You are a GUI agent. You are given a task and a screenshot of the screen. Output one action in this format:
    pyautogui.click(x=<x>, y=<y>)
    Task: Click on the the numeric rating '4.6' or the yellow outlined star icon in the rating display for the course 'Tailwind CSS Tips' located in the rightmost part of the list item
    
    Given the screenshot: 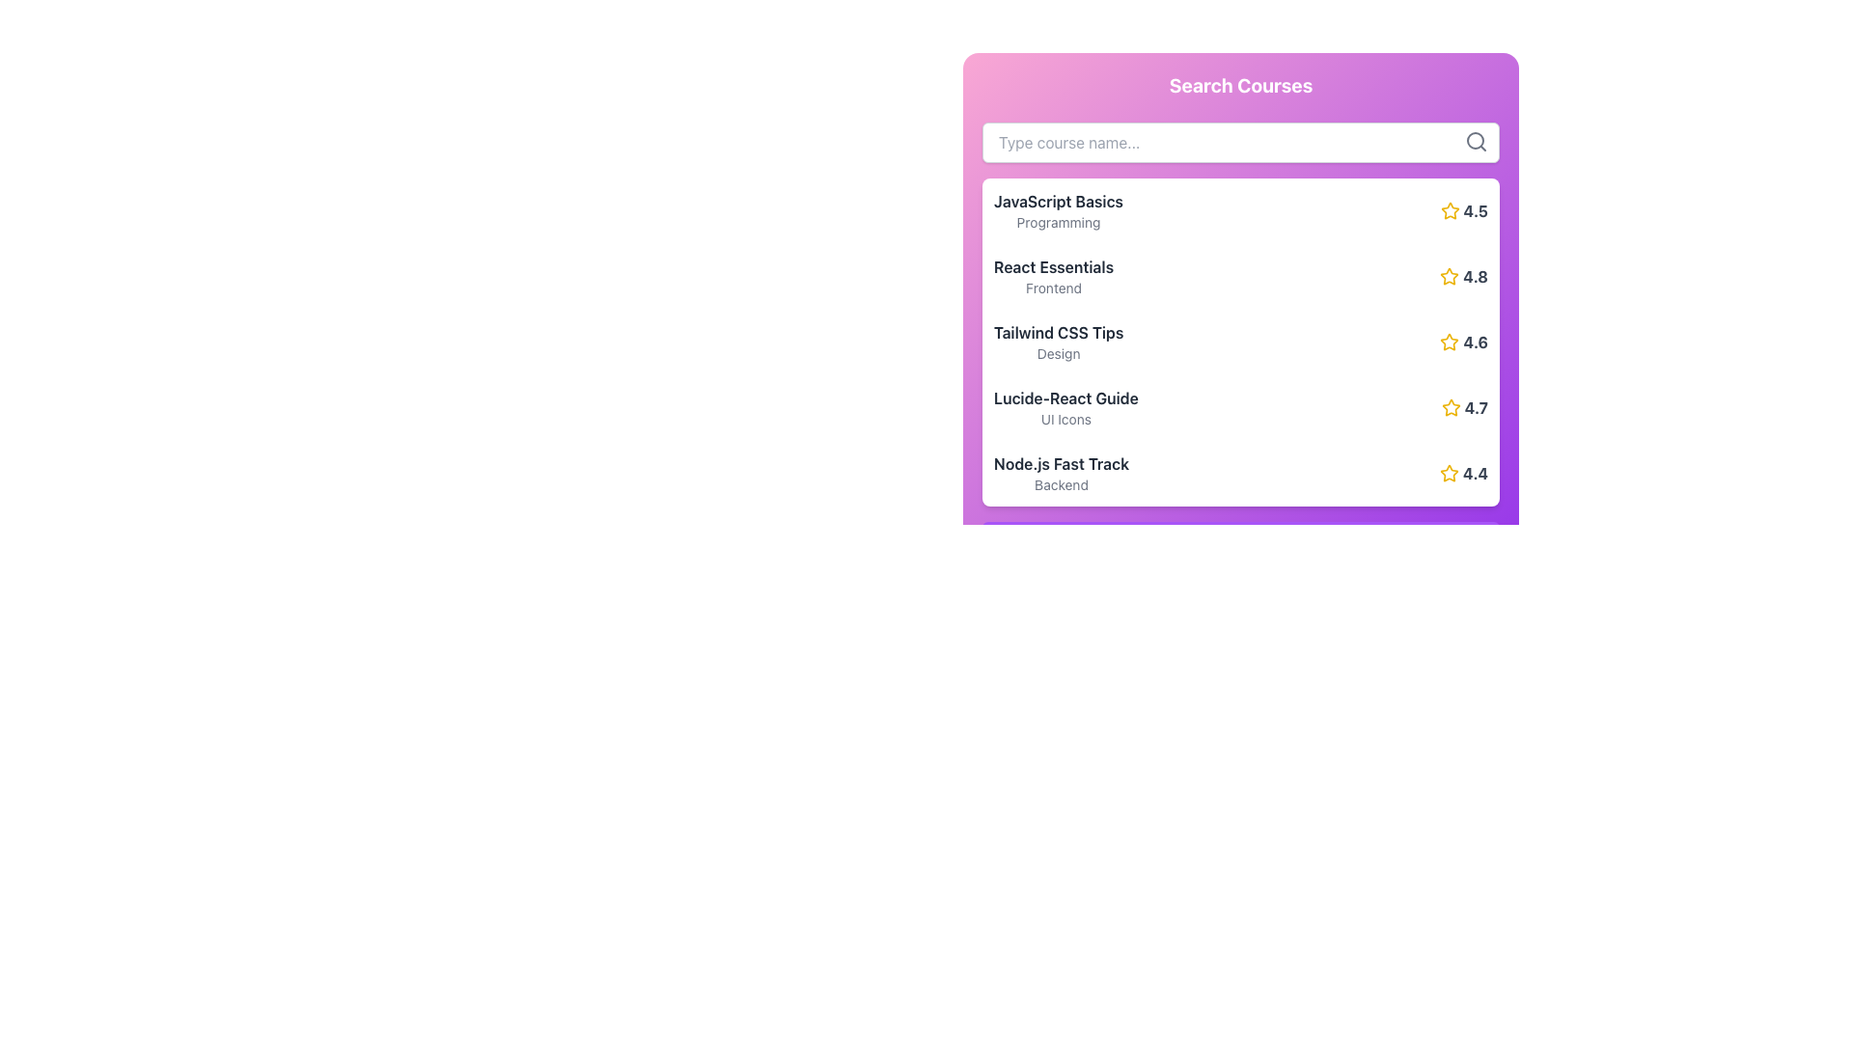 What is the action you would take?
    pyautogui.click(x=1464, y=341)
    